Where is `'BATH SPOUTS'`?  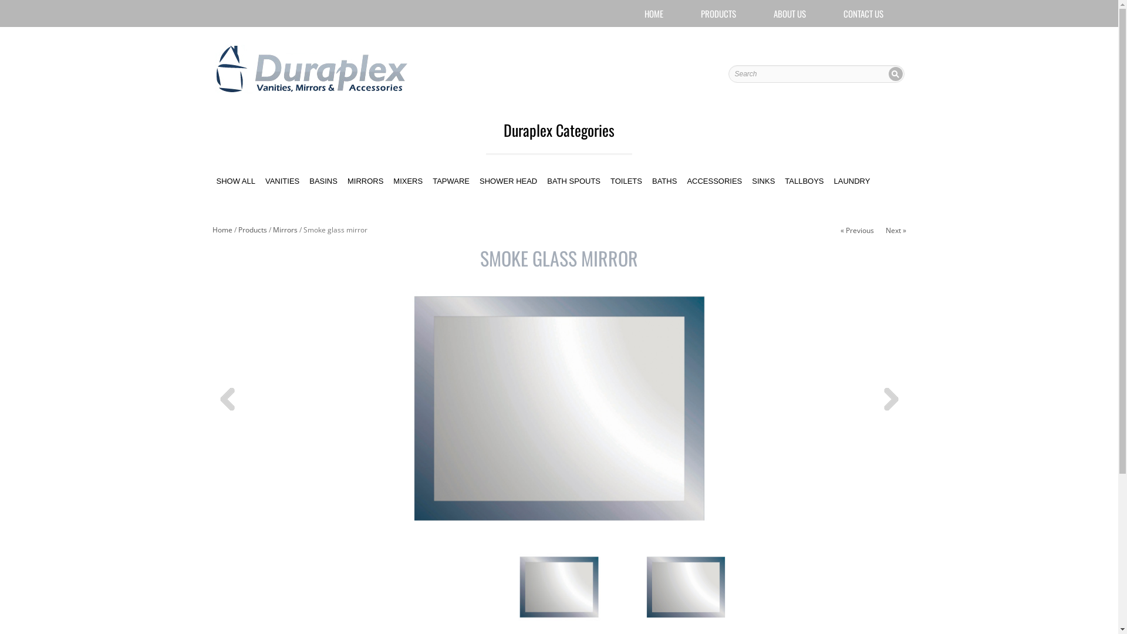 'BATH SPOUTS' is located at coordinates (573, 180).